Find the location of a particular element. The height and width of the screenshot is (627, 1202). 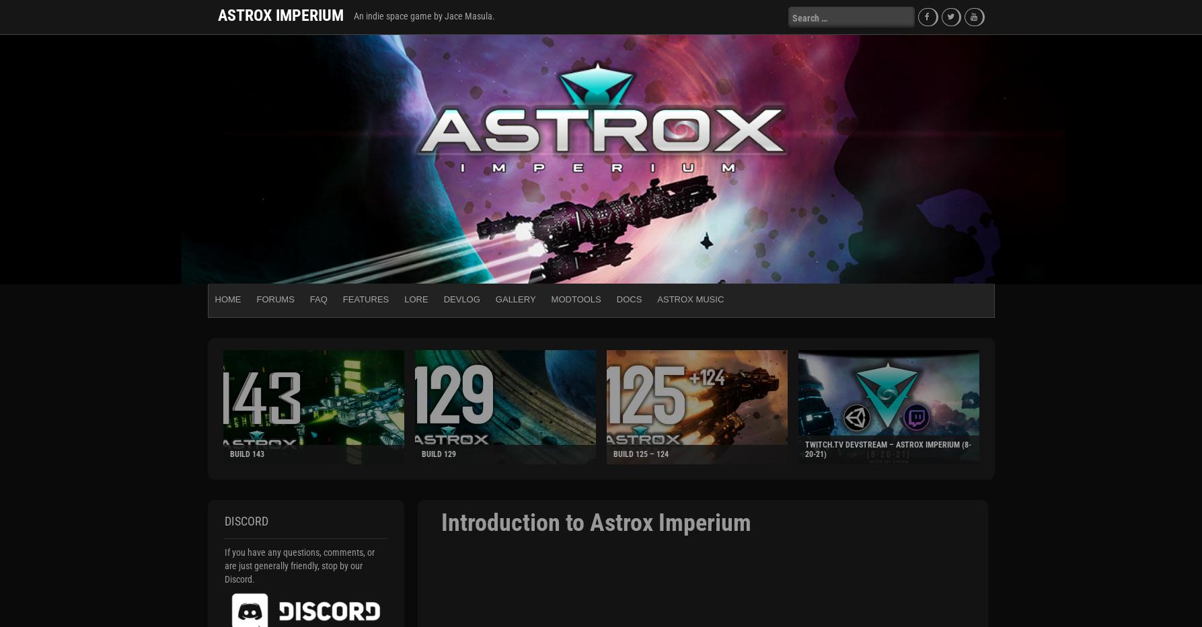

'Twitch.tv DevStream – Astrox Imperium (8-20-21)' is located at coordinates (887, 448).